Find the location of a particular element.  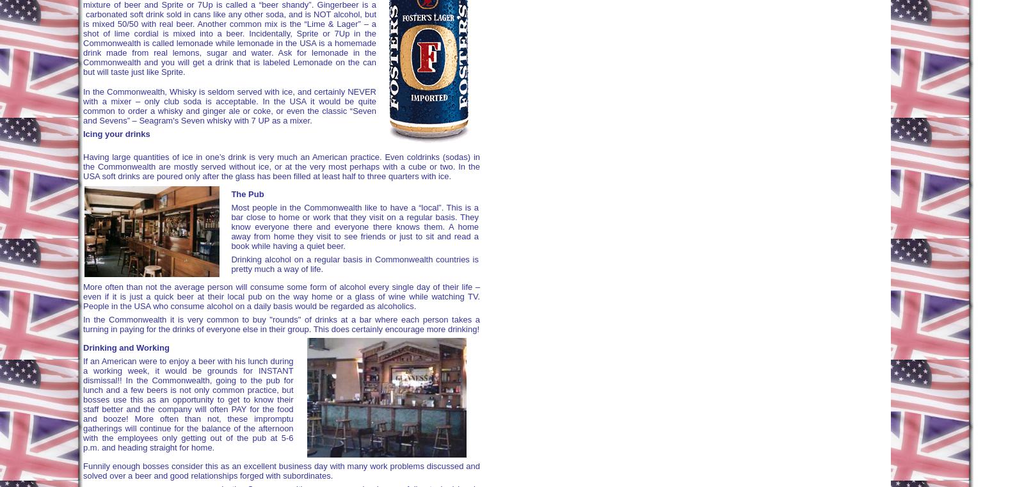

'Drinking
      alcohol on a regular basis in Commonwealth countries is pretty much a way
      of life.' is located at coordinates (230, 264).